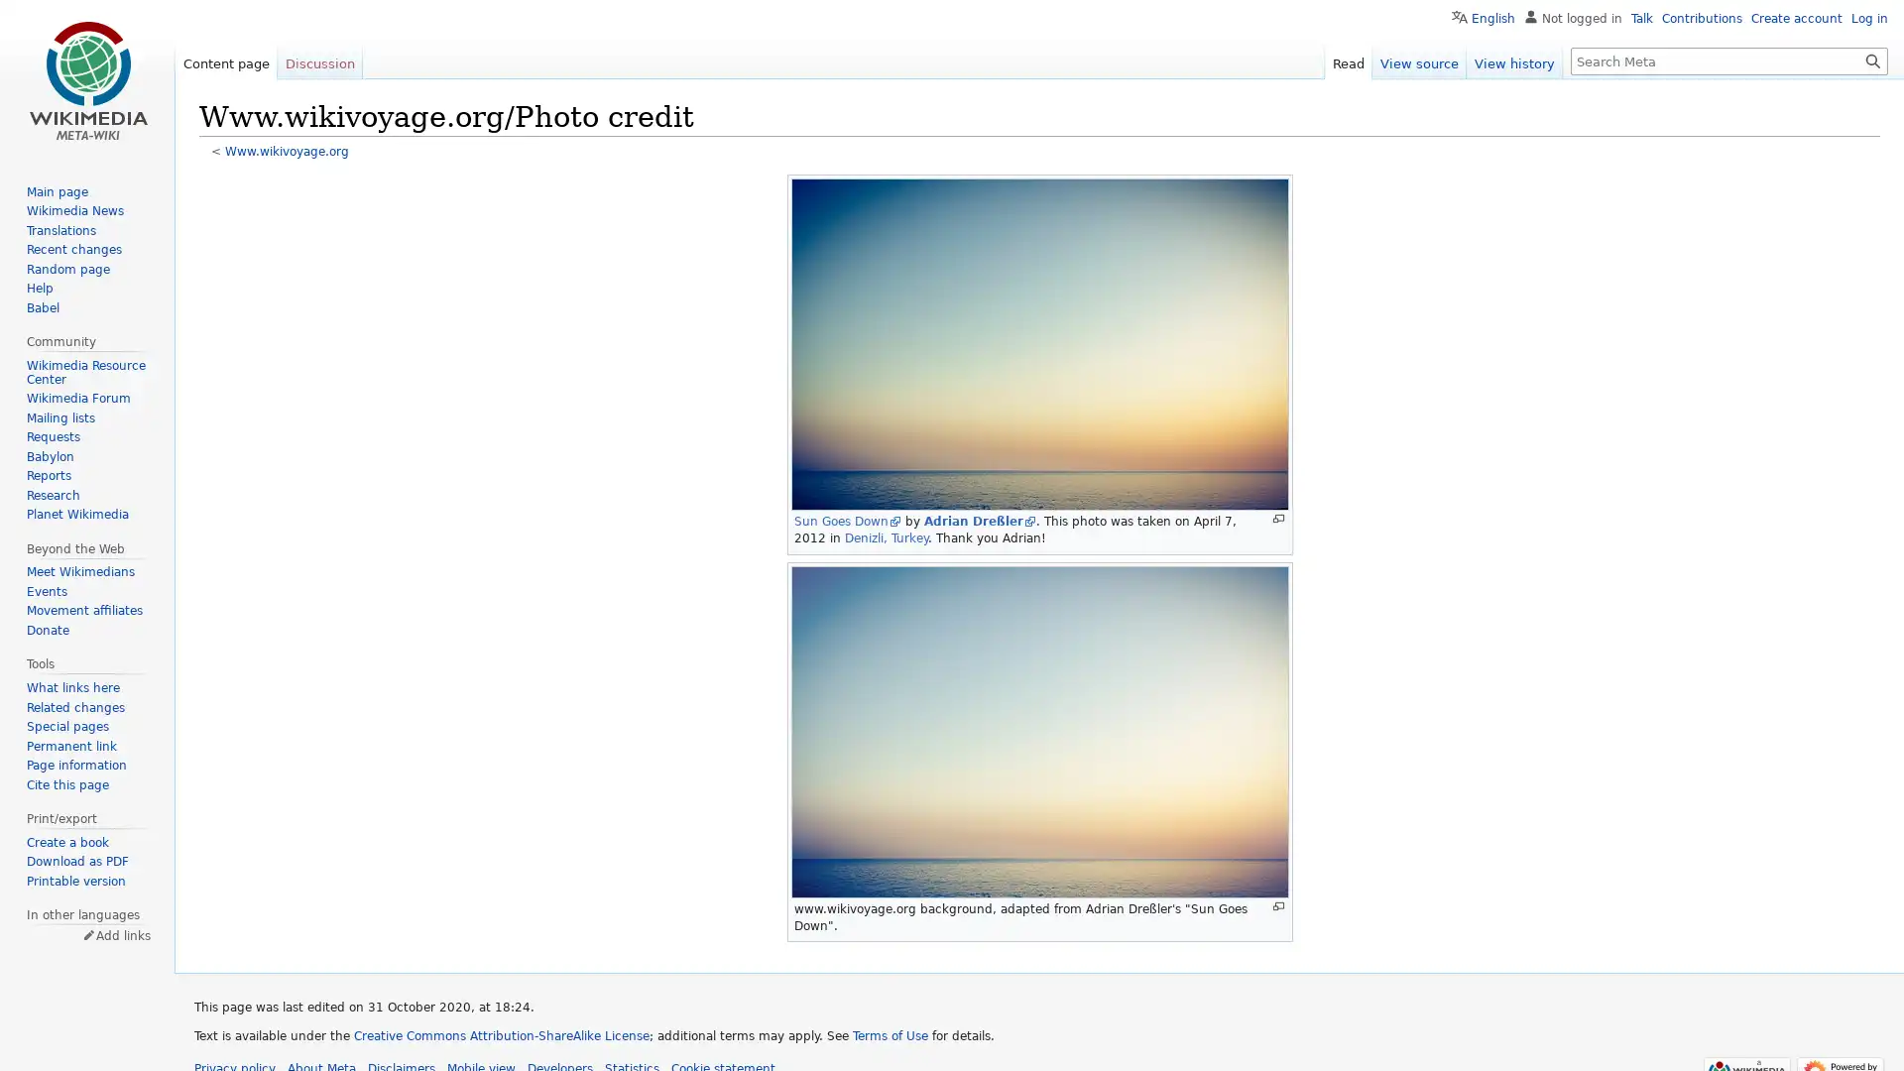 The height and width of the screenshot is (1071, 1904). What do you see at coordinates (1872, 59) in the screenshot?
I see `Go` at bounding box center [1872, 59].